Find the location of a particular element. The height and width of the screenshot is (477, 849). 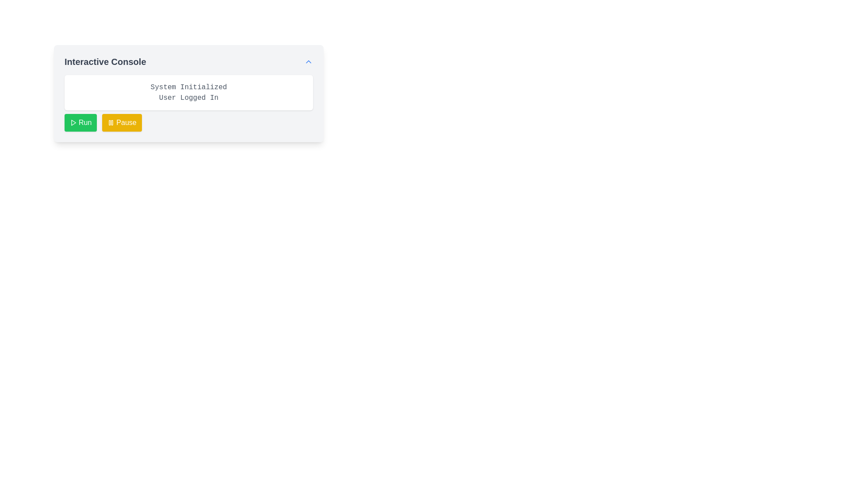

displayed text in the white box of the 'Interactive Console' component, which contains 'System Initialized\nUser Logged In' is located at coordinates (188, 94).